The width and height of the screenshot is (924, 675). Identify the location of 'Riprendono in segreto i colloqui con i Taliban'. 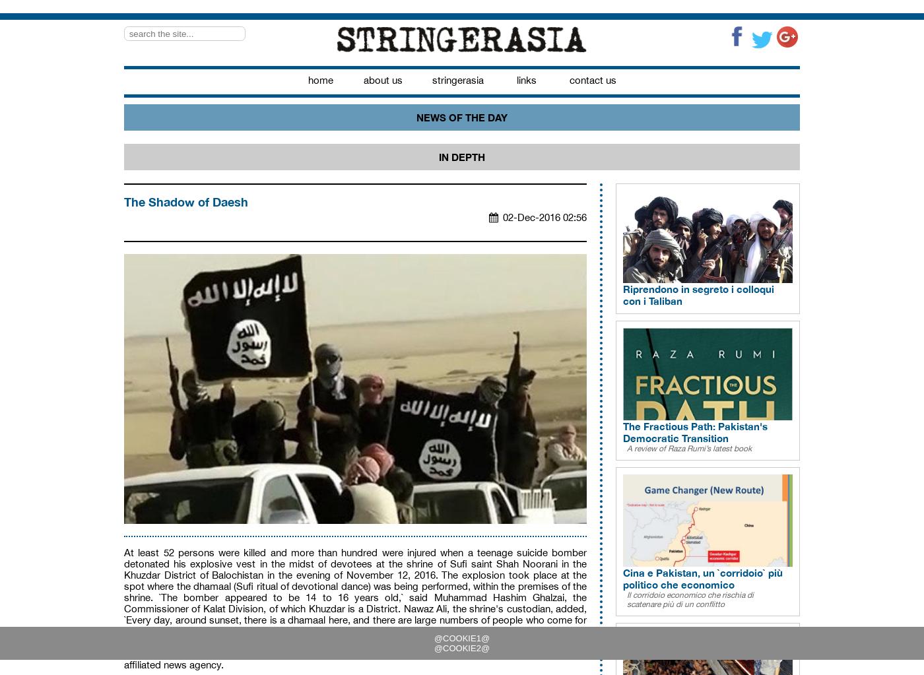
(698, 294).